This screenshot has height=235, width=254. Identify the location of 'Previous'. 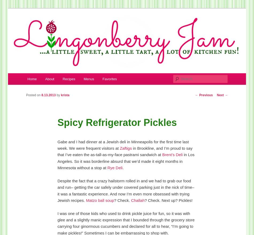
(205, 95).